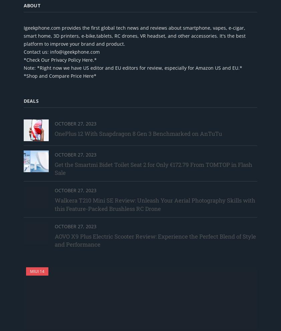 The height and width of the screenshot is (331, 281). What do you see at coordinates (37, 271) in the screenshot?
I see `'MIUI 14'` at bounding box center [37, 271].